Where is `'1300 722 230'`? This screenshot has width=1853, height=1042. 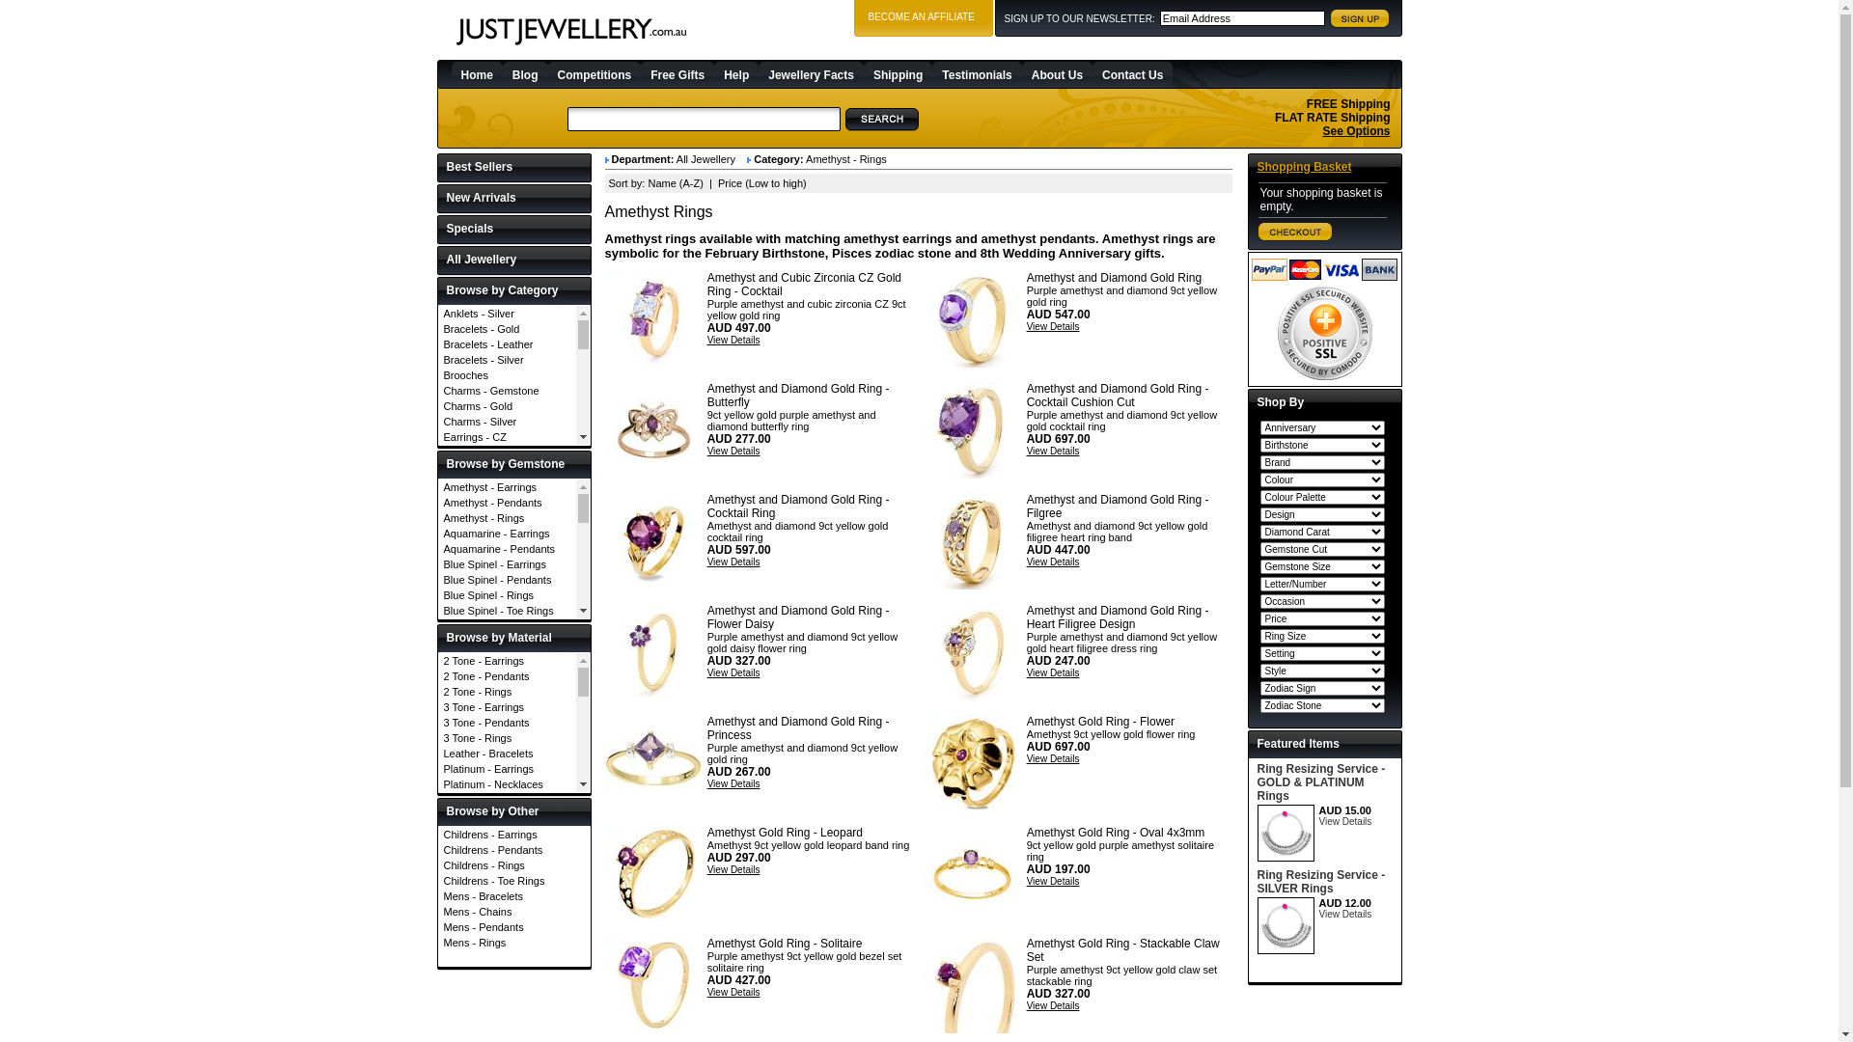
'1300 722 230' is located at coordinates (1344, 72).